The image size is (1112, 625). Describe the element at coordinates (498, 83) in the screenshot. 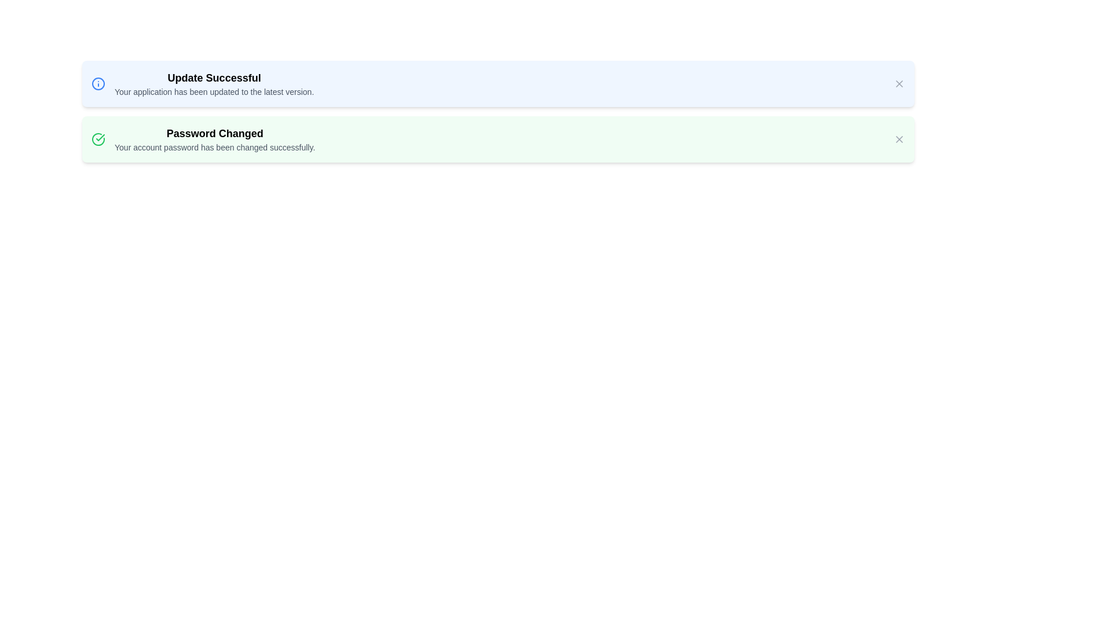

I see `the alert to bring focus to its message` at that location.